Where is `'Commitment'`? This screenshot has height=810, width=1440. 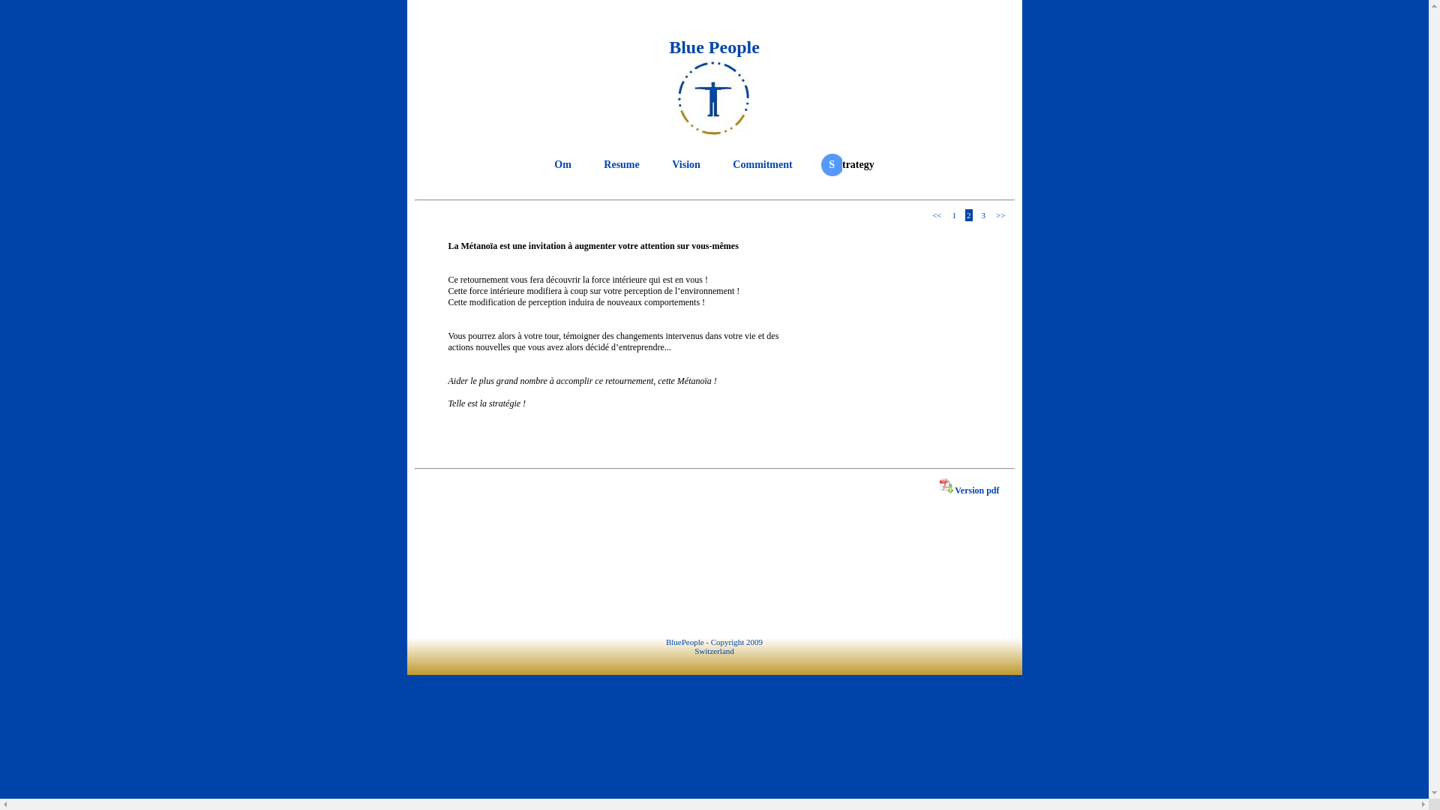
'Commitment' is located at coordinates (728, 164).